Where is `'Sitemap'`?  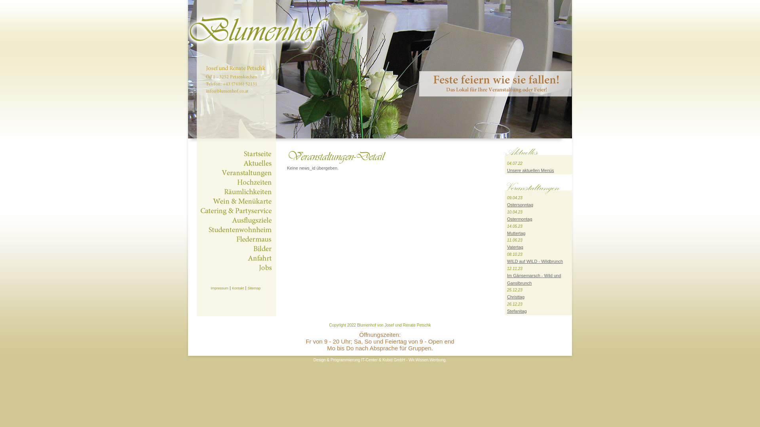 'Sitemap' is located at coordinates (254, 288).